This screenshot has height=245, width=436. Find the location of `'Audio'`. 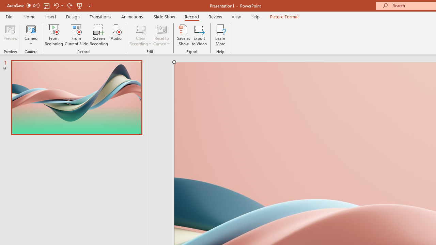

'Audio' is located at coordinates (116, 35).